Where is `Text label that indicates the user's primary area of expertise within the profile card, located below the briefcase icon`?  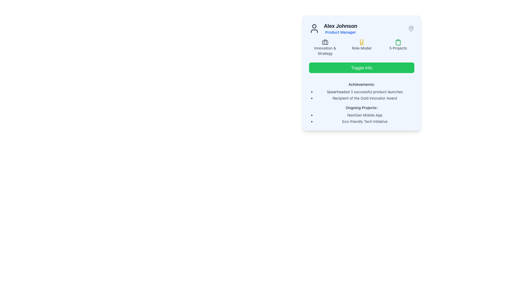
Text label that indicates the user's primary area of expertise within the profile card, located below the briefcase icon is located at coordinates (325, 51).